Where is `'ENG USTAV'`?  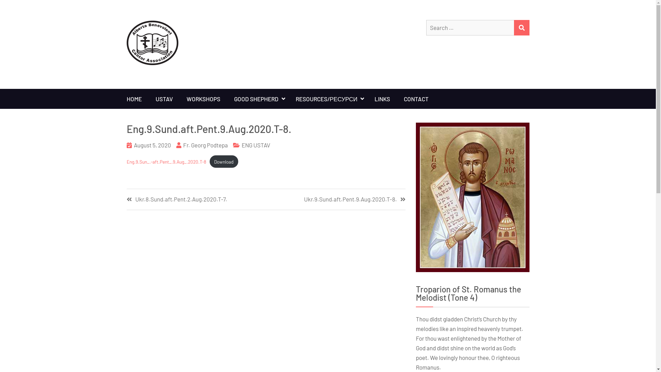 'ENG USTAV' is located at coordinates (255, 144).